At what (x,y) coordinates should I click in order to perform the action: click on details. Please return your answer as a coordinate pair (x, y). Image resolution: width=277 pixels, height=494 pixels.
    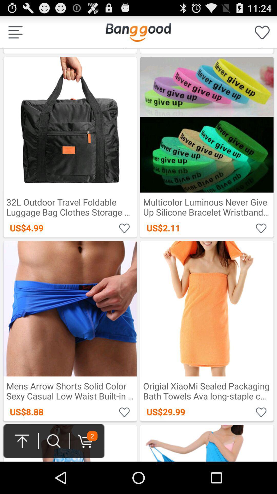
    Looking at the image, I should click on (15, 32).